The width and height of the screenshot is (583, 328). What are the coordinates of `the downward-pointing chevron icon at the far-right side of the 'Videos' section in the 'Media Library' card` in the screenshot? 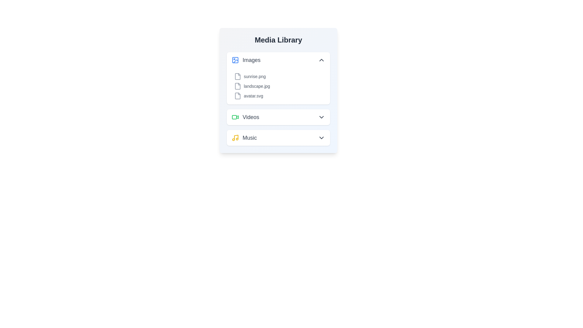 It's located at (321, 117).